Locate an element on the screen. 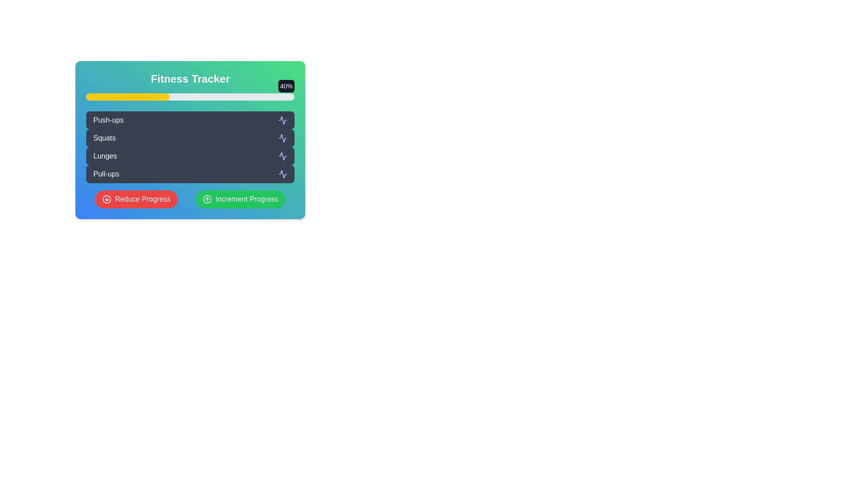 The image size is (862, 485). the progress bar indicating 40% progress, which is styled with a rounded appearance and a light gray background, located beneath the 'Fitness Tracker' title is located at coordinates (189, 97).